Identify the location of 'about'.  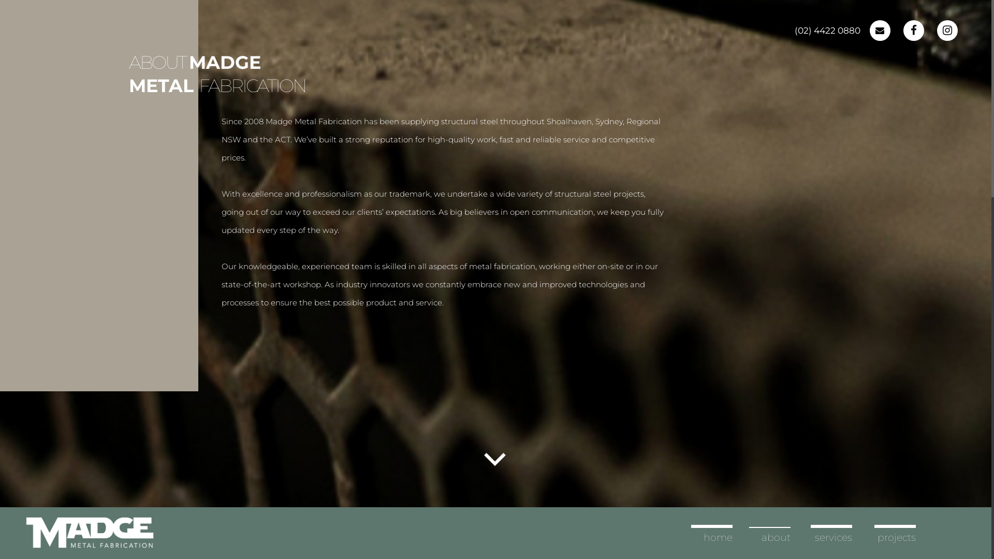
(776, 537).